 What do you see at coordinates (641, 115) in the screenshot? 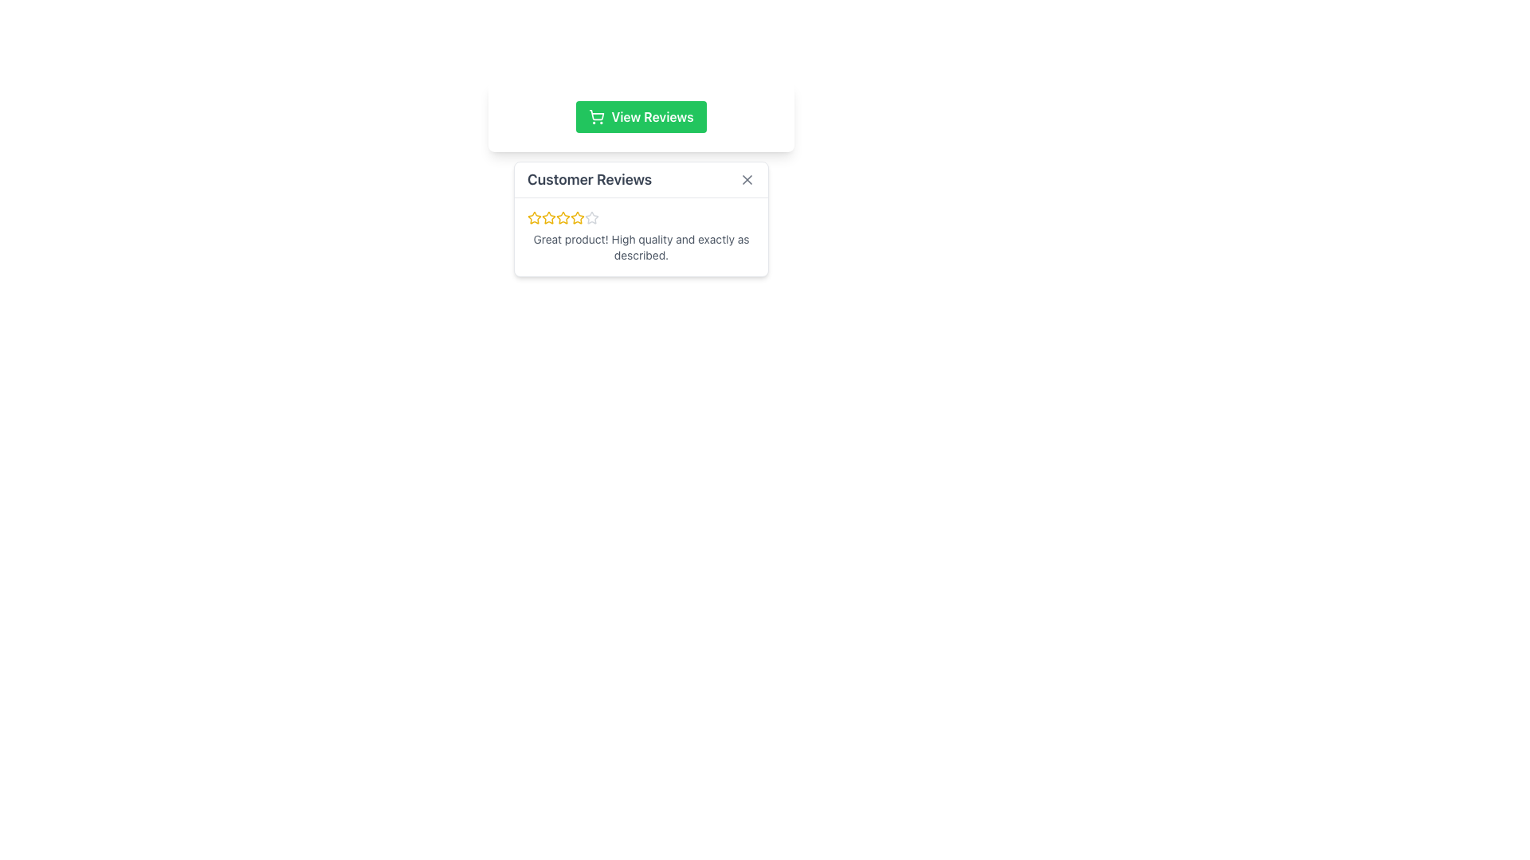
I see `the green 'View Reviews' button with rounded corners, which features a white text label and a shopping cart icon` at bounding box center [641, 115].